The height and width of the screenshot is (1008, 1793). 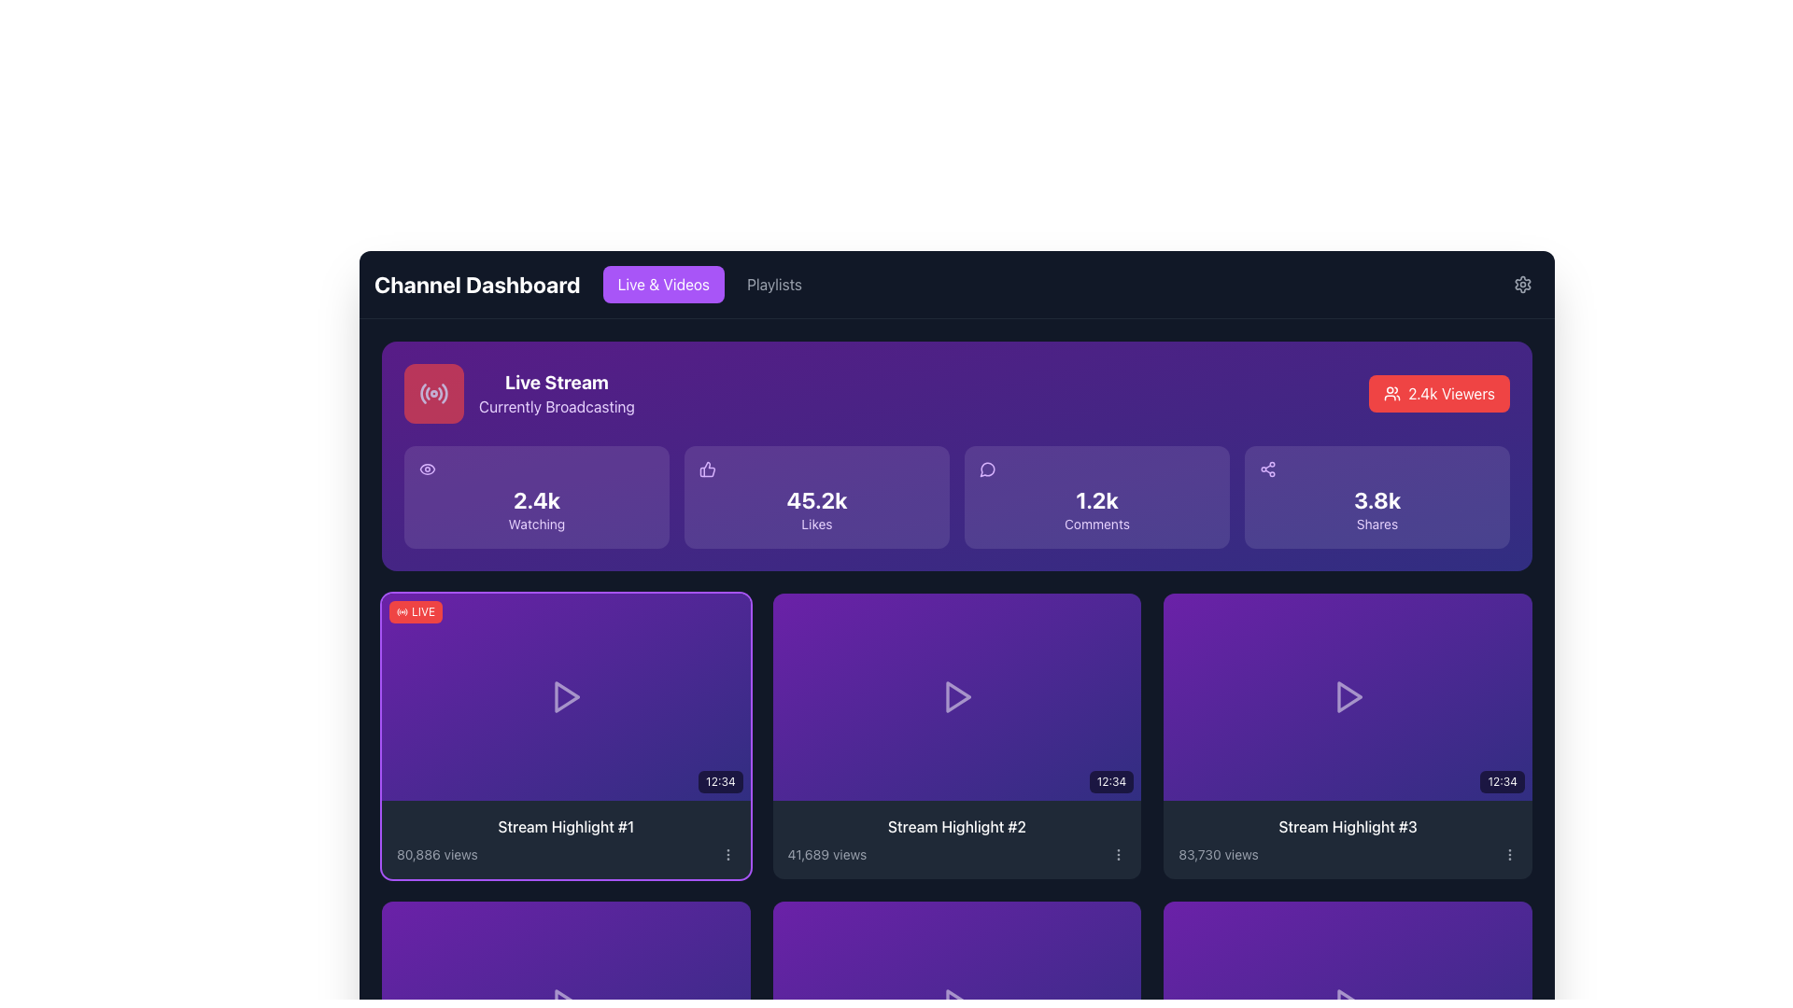 I want to click on the time duration indicator text label located at the bottom-right corner of the video thumbnail labeled 'Stream Highlight #1', so click(x=719, y=781).